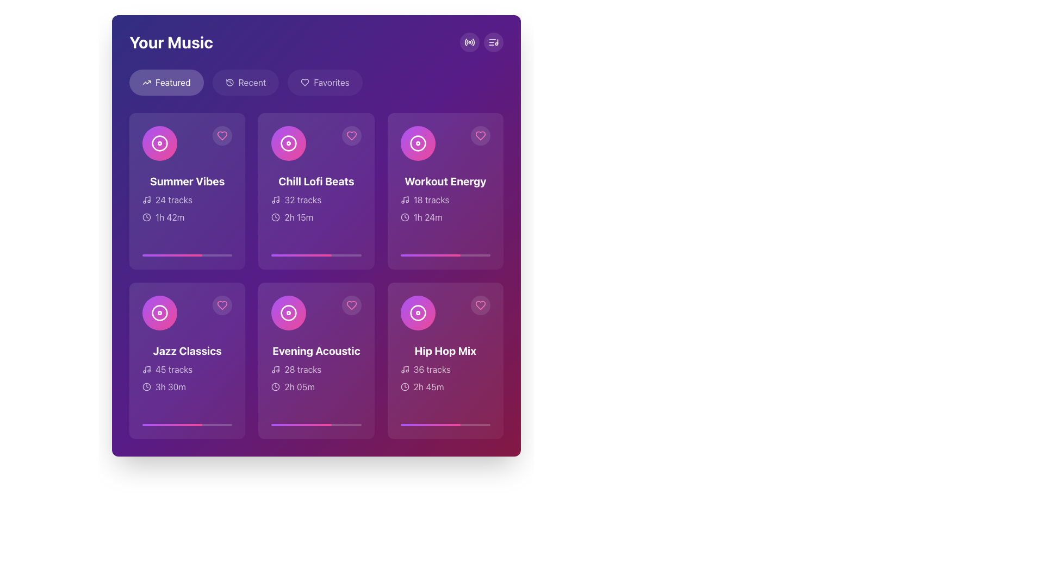 The height and width of the screenshot is (587, 1044). What do you see at coordinates (171, 41) in the screenshot?
I see `text label 'Your Music' which is styled in large, bold, white font against a purple gradient background, located at the top-left corner of the page` at bounding box center [171, 41].